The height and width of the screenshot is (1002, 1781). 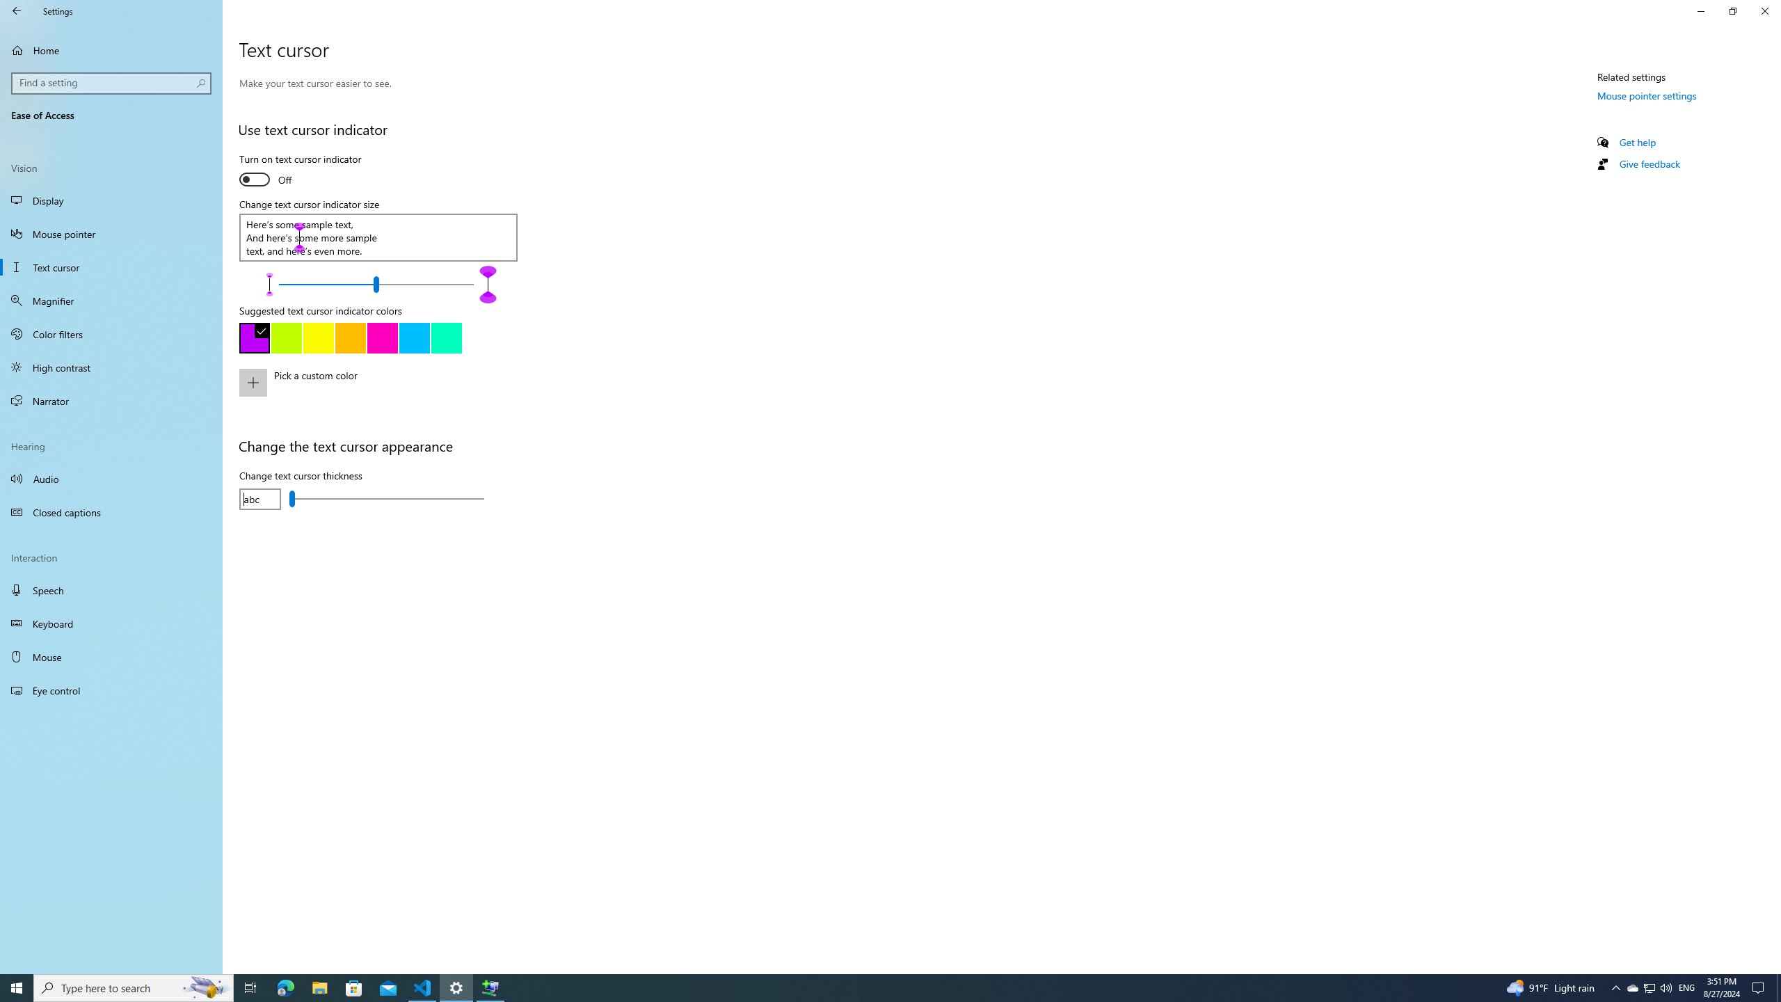 What do you see at coordinates (111, 690) in the screenshot?
I see `'Eye control'` at bounding box center [111, 690].